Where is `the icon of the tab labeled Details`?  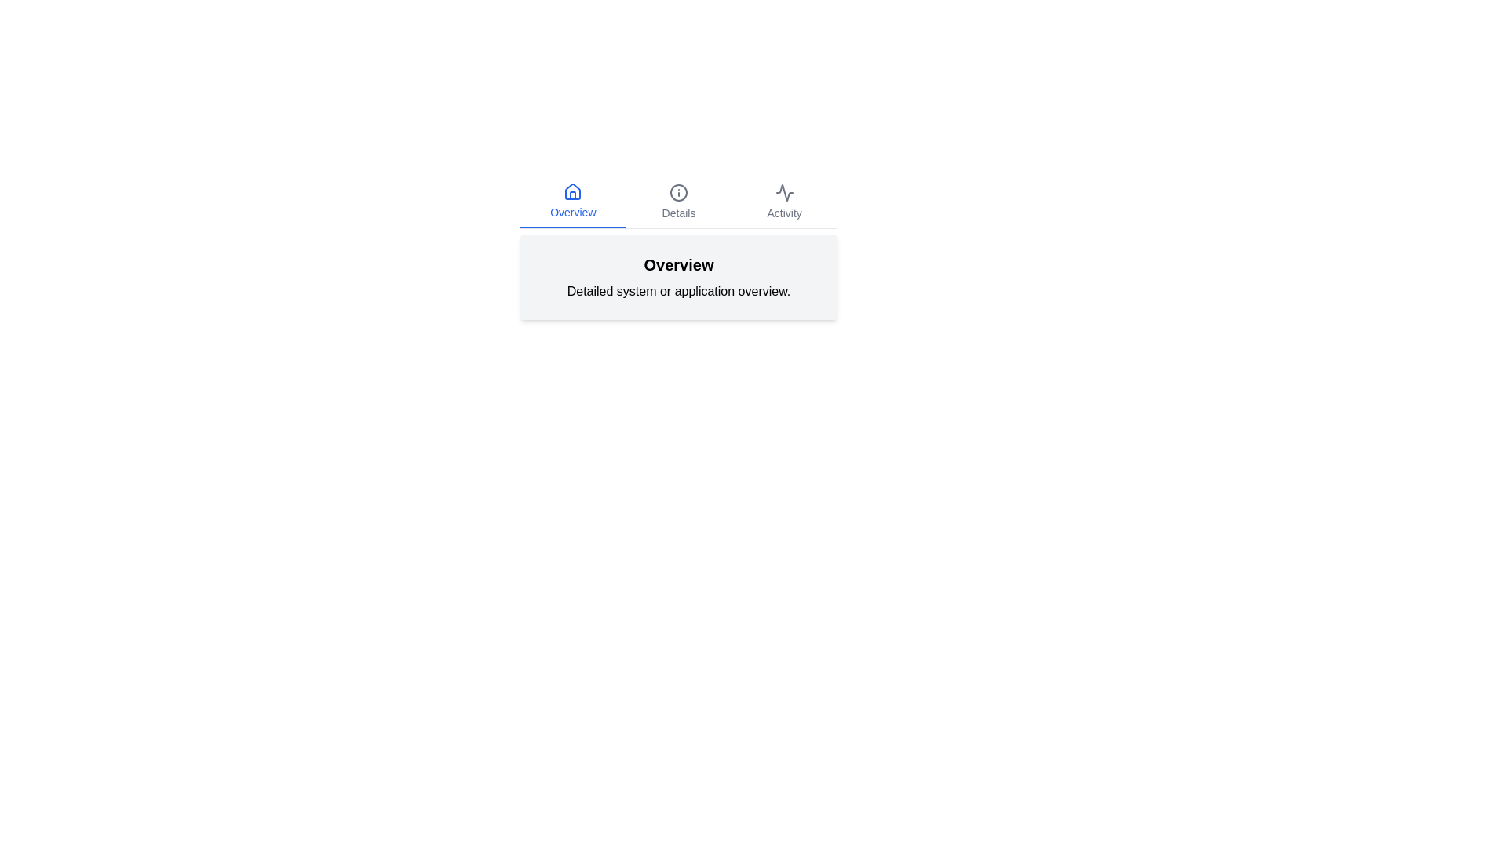
the icon of the tab labeled Details is located at coordinates (678, 192).